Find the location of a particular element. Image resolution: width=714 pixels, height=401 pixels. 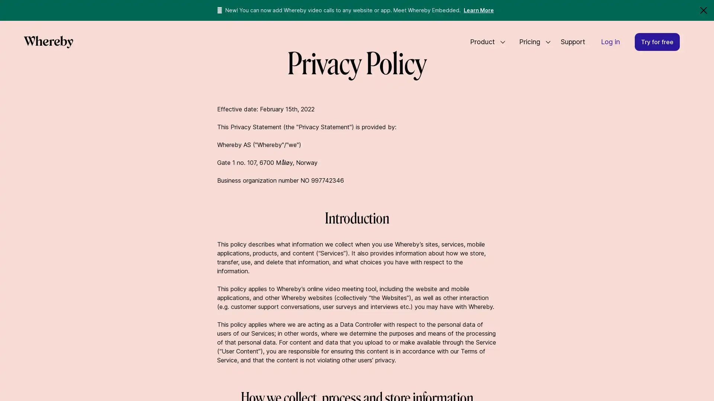

Close is located at coordinates (703, 10).